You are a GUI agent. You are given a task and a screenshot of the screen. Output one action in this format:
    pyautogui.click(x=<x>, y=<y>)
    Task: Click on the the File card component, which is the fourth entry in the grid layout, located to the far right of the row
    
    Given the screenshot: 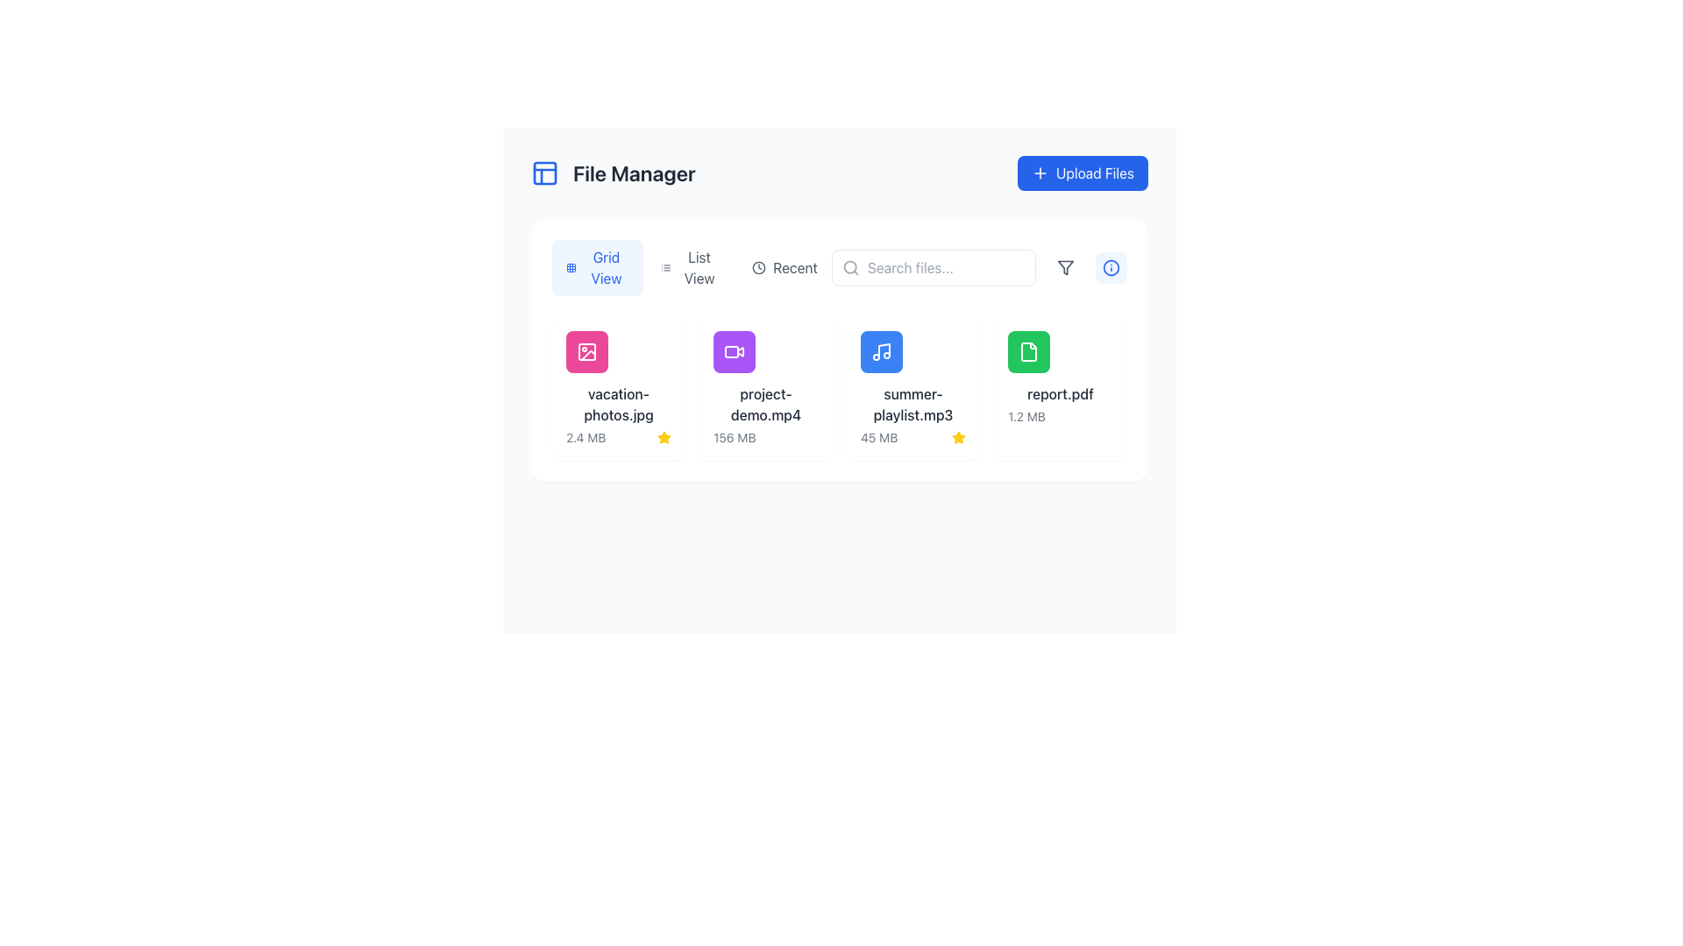 What is the action you would take?
    pyautogui.click(x=1059, y=387)
    